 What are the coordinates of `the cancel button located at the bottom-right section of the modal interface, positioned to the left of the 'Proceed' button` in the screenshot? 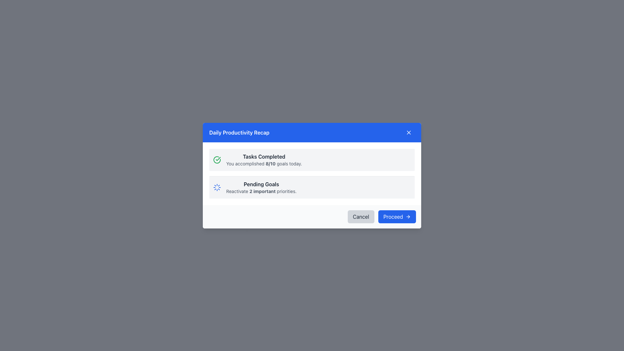 It's located at (360, 216).